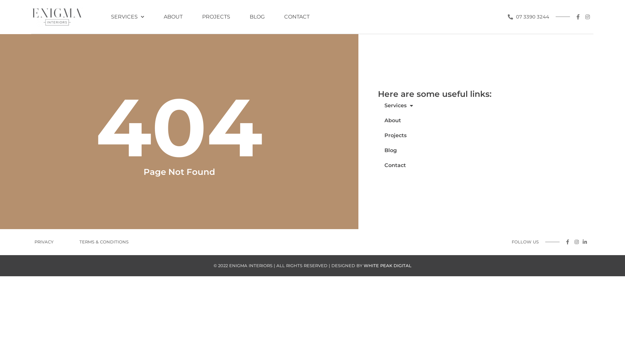 The image size is (625, 351). What do you see at coordinates (257, 16) in the screenshot?
I see `'BLOG'` at bounding box center [257, 16].